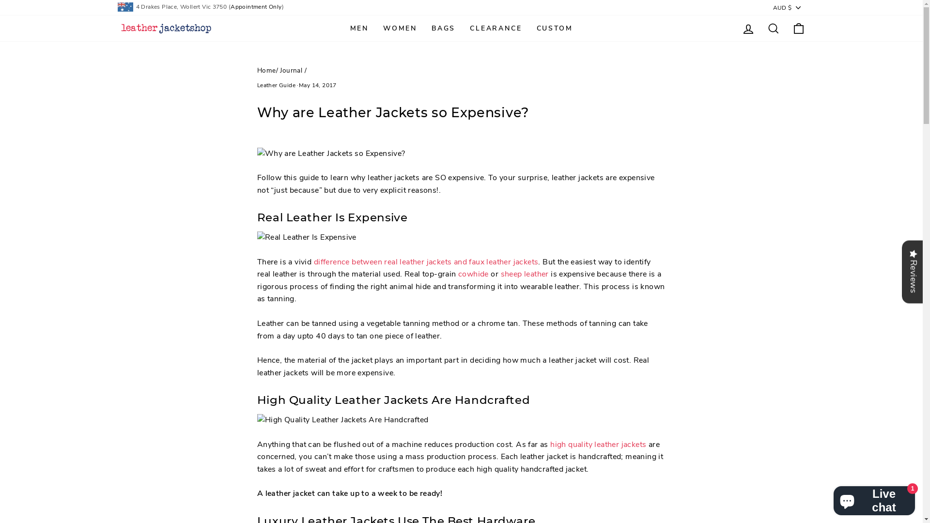 The width and height of the screenshot is (930, 523). I want to click on 'MEN', so click(359, 28).